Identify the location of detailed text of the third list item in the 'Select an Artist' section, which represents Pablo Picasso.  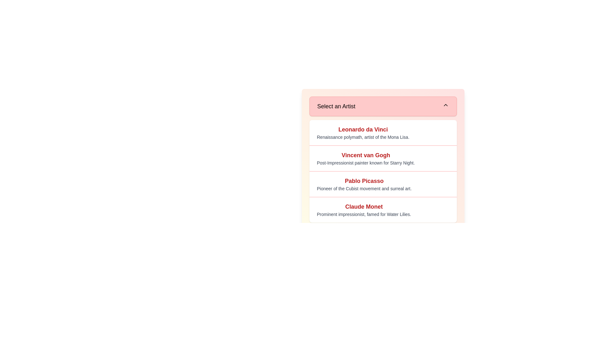
(383, 184).